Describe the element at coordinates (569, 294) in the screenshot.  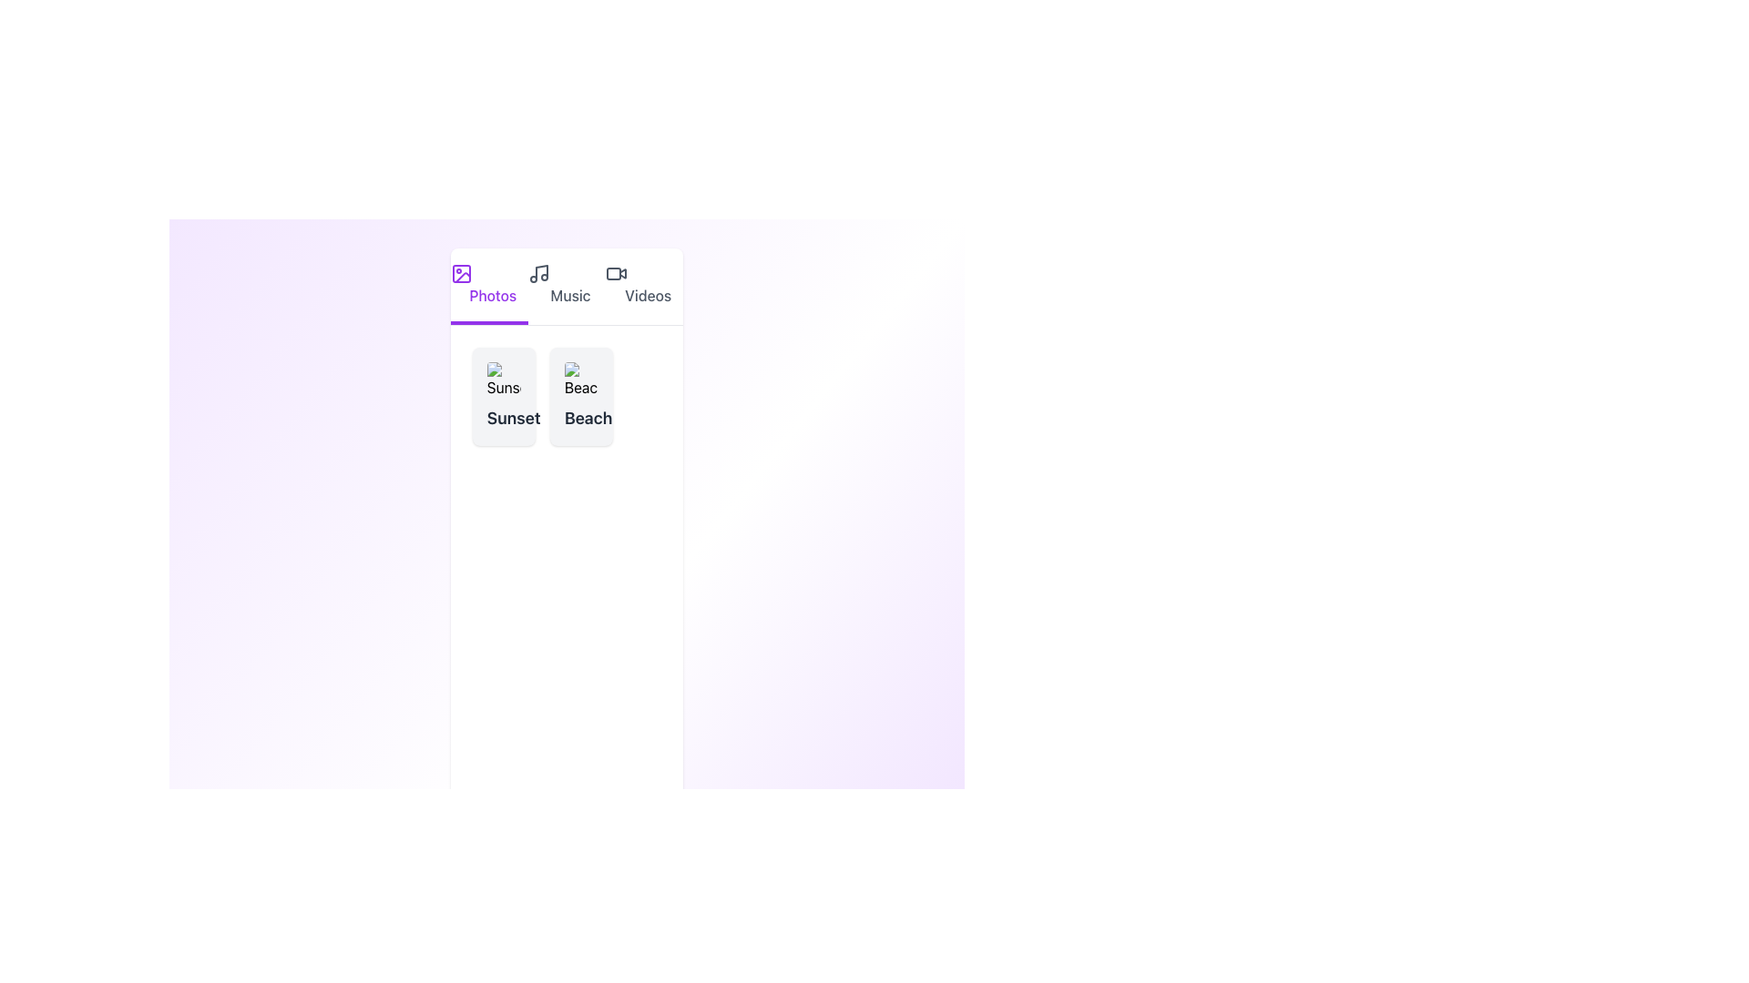
I see `the 'Music' text label in the top navigation bar, which is positioned between the 'Photos' and 'Videos' sections and is visually adjacent to a music icon` at that location.